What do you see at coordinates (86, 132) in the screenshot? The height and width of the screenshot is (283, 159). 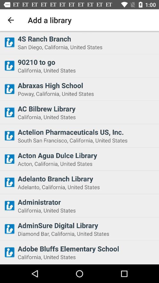 I see `icon above south san francisco icon` at bounding box center [86, 132].